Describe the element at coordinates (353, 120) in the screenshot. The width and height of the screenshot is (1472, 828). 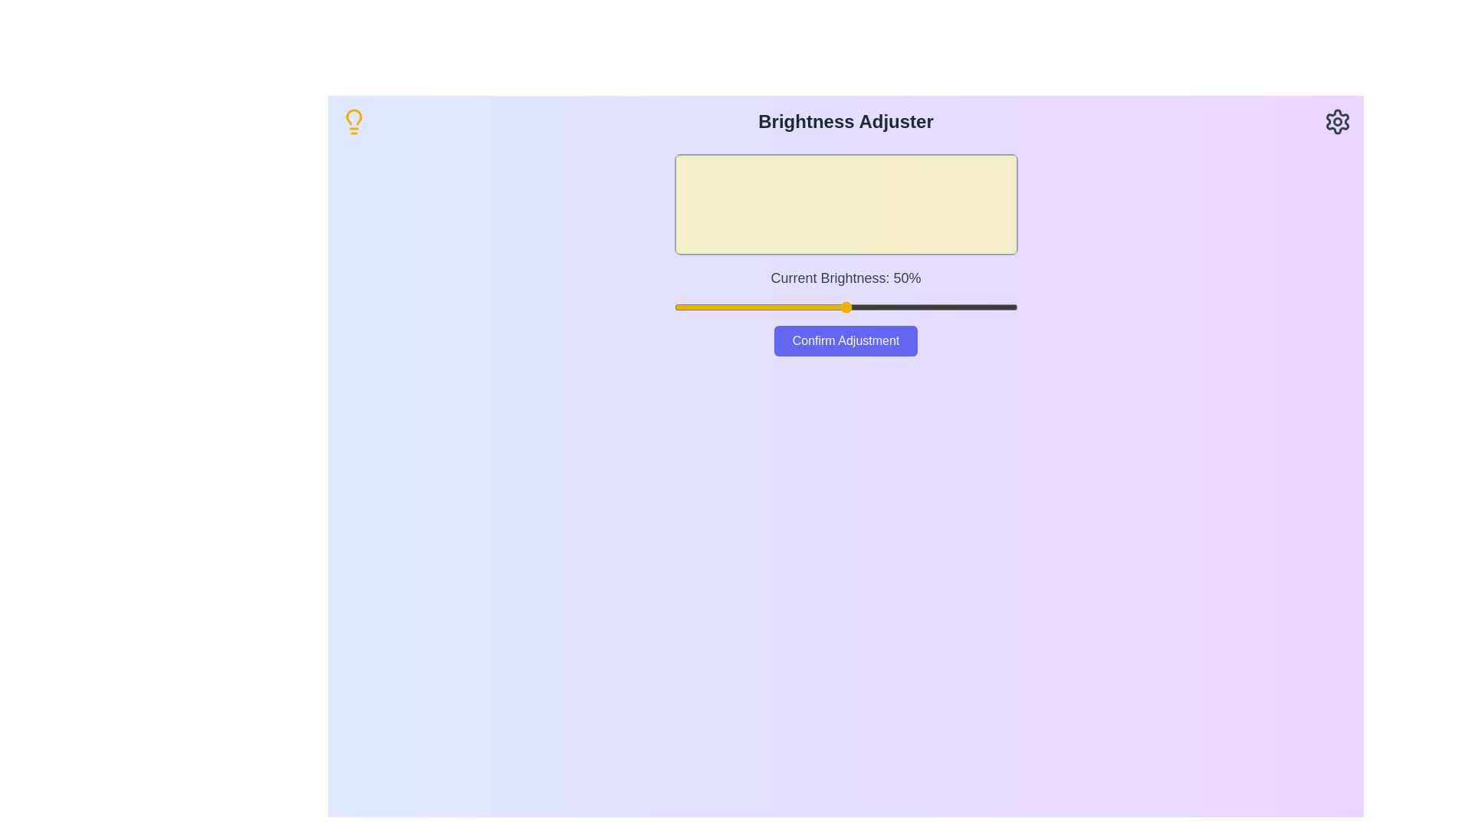
I see `the lightbulb icon in the header` at that location.